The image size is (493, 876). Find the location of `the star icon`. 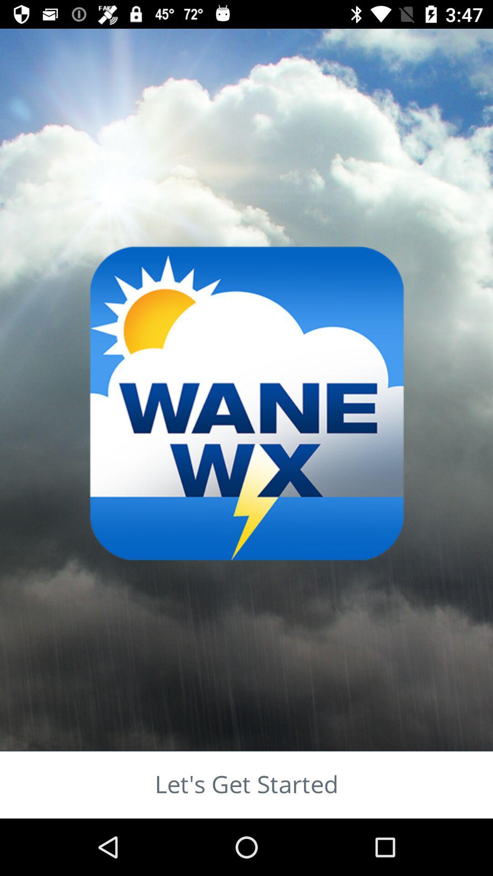

the star icon is located at coordinates (60, 109).